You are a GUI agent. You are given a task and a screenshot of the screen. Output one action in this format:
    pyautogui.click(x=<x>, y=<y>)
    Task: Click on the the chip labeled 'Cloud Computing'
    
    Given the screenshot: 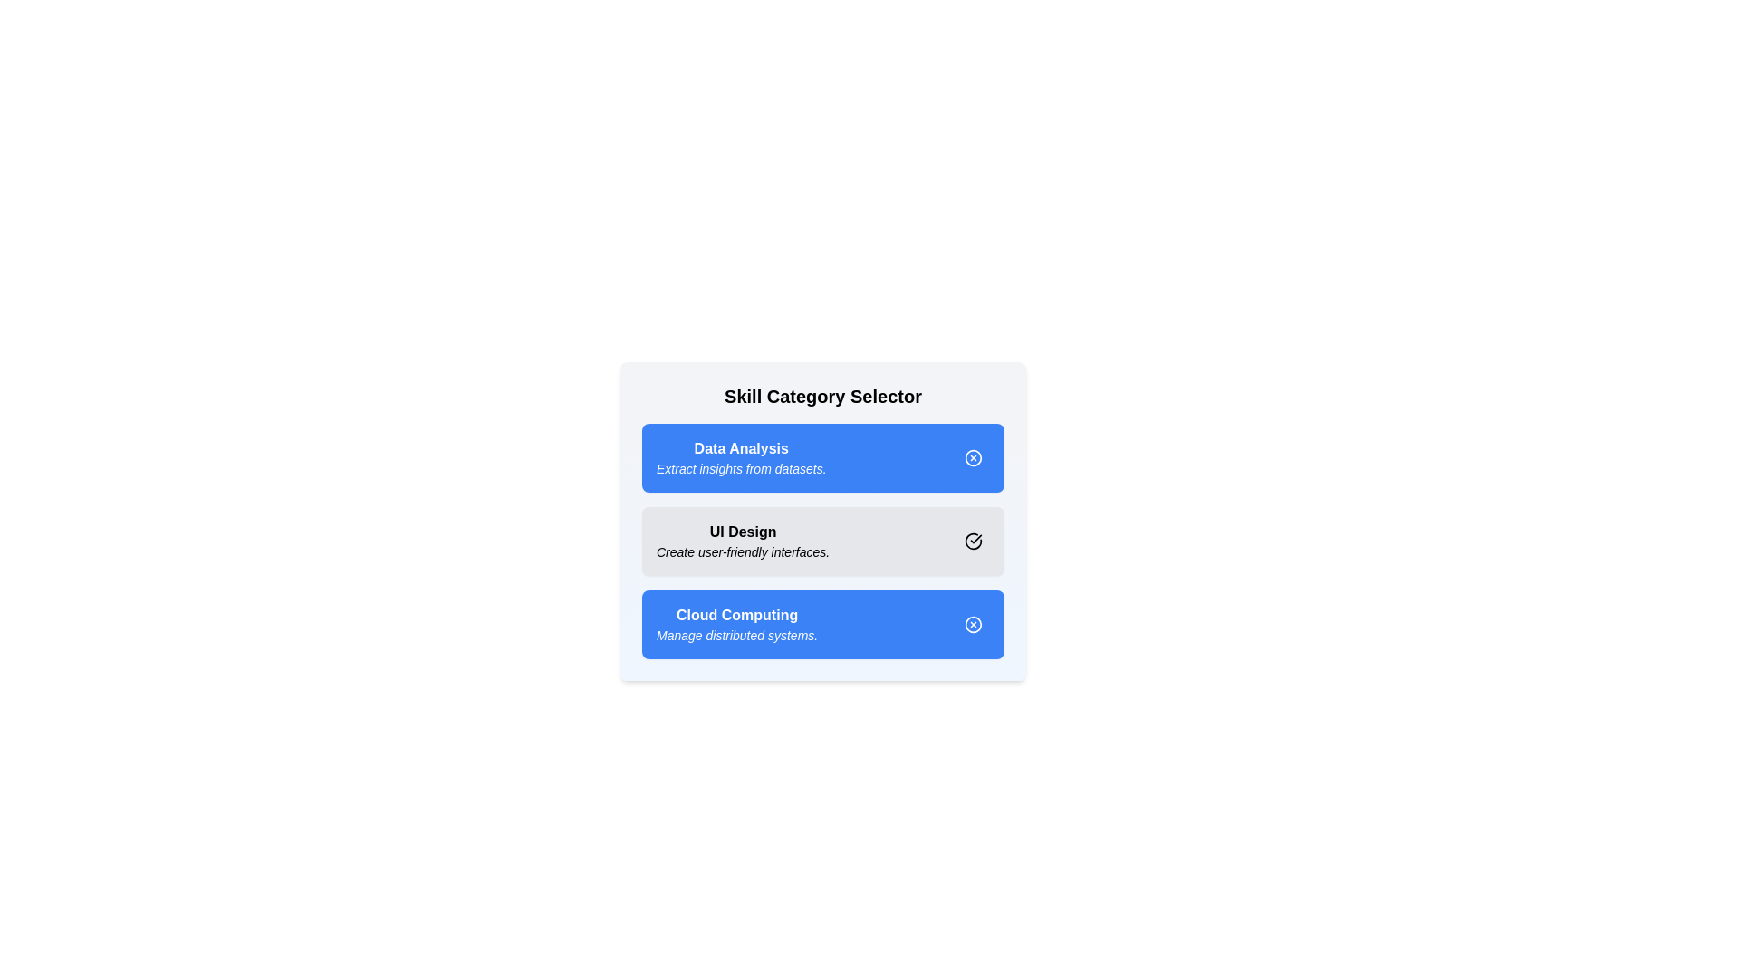 What is the action you would take?
    pyautogui.click(x=973, y=624)
    